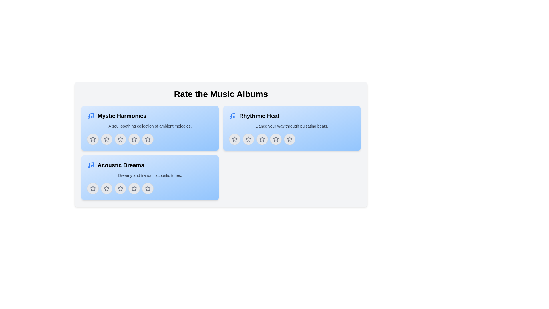 The image size is (549, 309). What do you see at coordinates (107, 139) in the screenshot?
I see `the second star in the series of rating stars for keyboard navigation within the 'Mystic Harmonies' card` at bounding box center [107, 139].